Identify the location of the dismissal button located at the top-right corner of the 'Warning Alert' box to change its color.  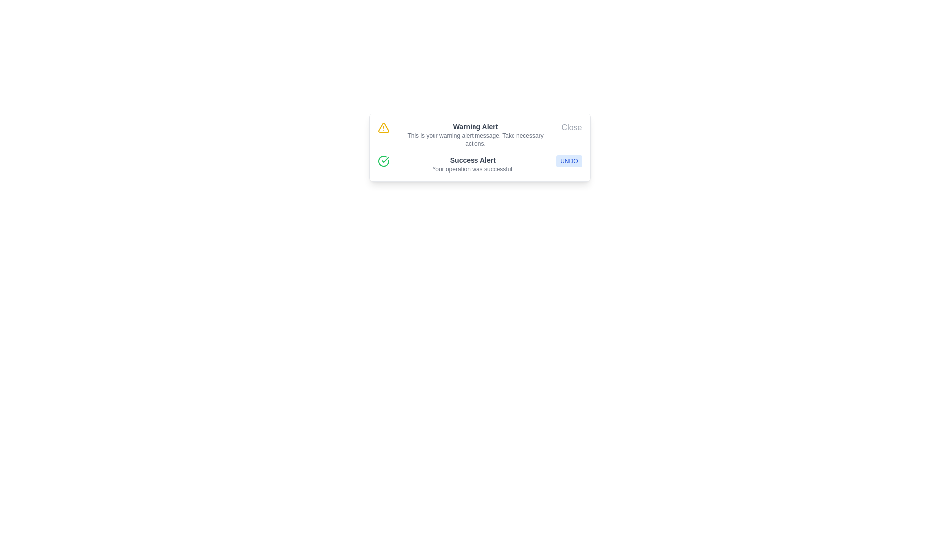
(572, 127).